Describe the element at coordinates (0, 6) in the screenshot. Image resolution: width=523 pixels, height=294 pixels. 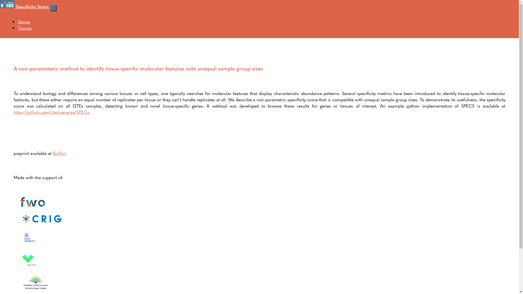
I see `' Specificity Score'` at that location.